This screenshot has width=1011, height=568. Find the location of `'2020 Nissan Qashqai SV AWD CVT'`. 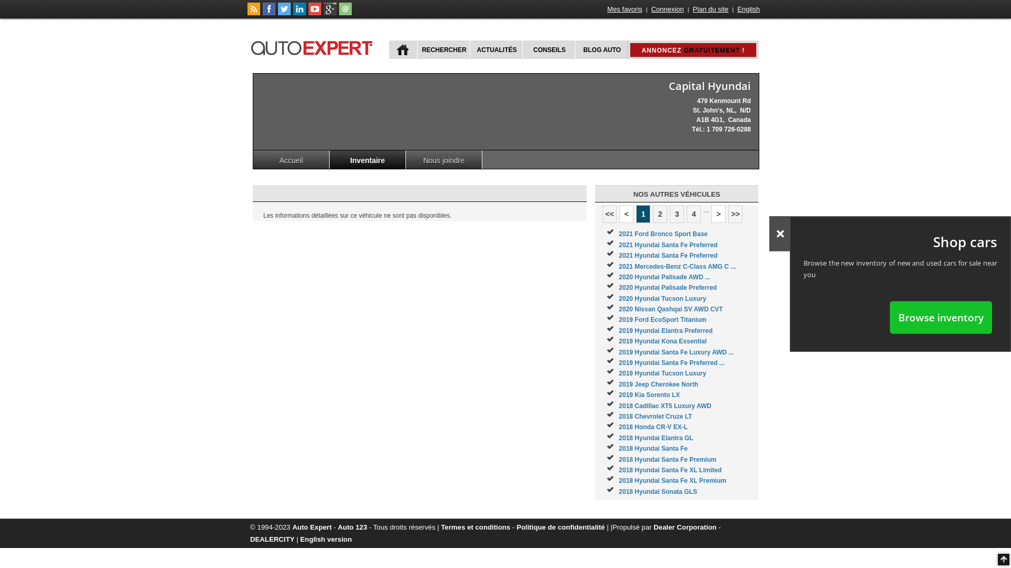

'2020 Nissan Qashqai SV AWD CVT' is located at coordinates (670, 308).